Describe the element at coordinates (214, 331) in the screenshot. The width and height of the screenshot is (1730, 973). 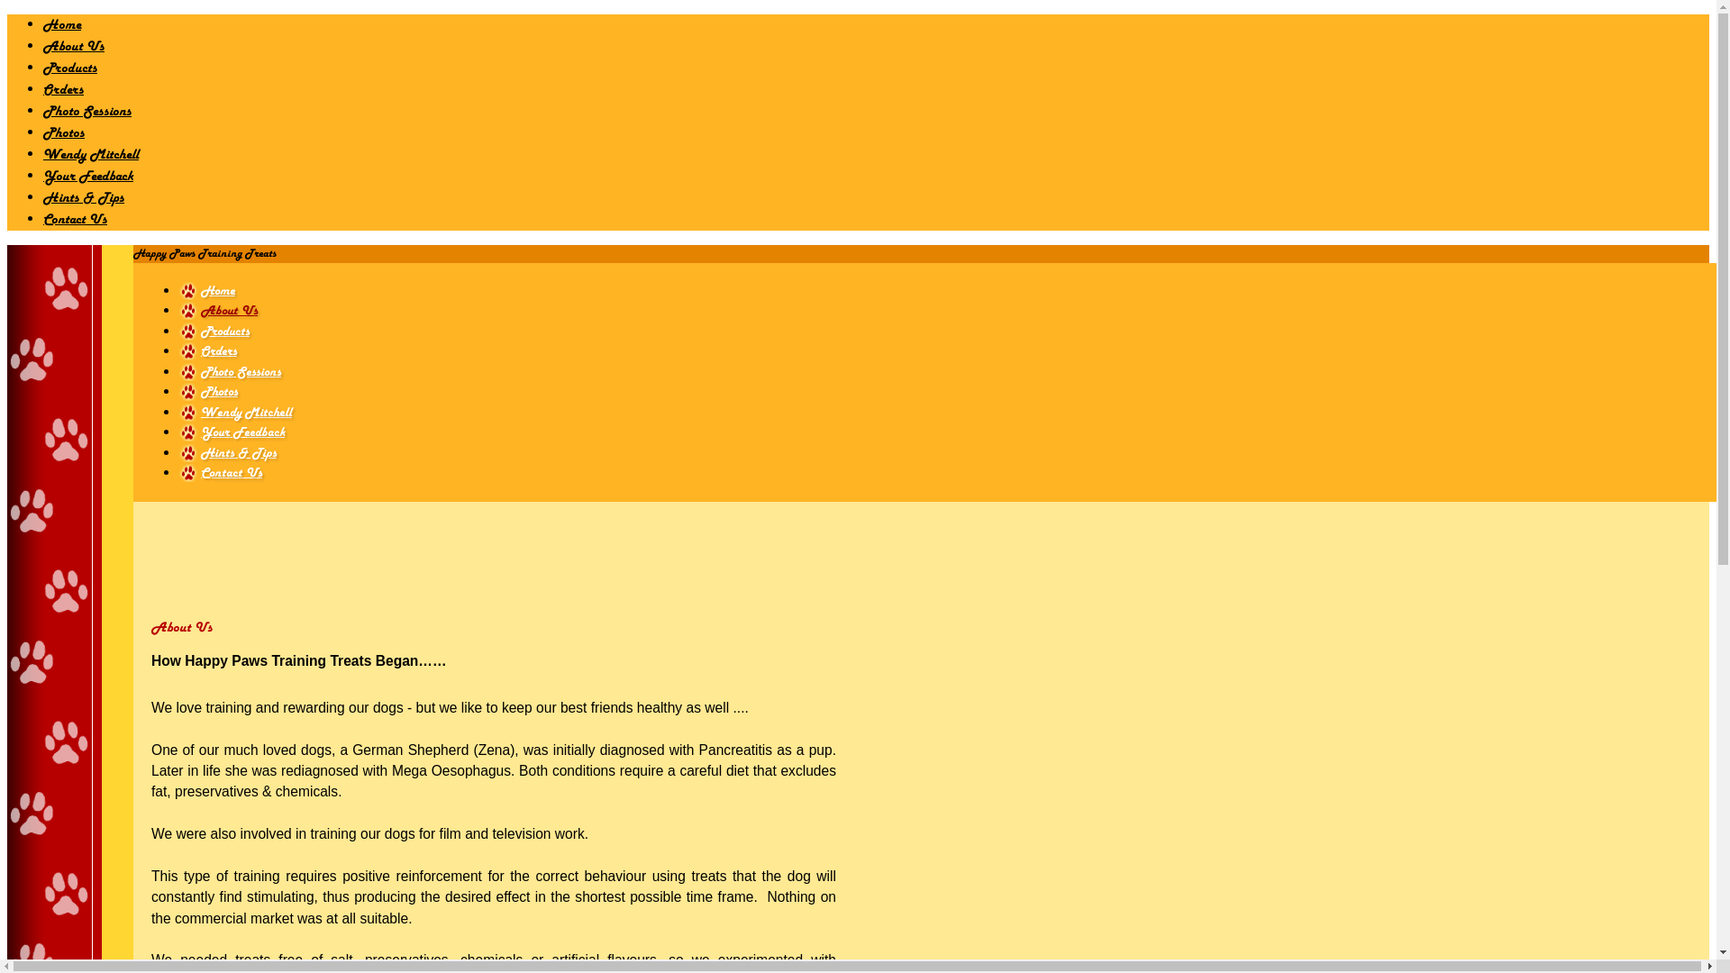
I see `'Products'` at that location.